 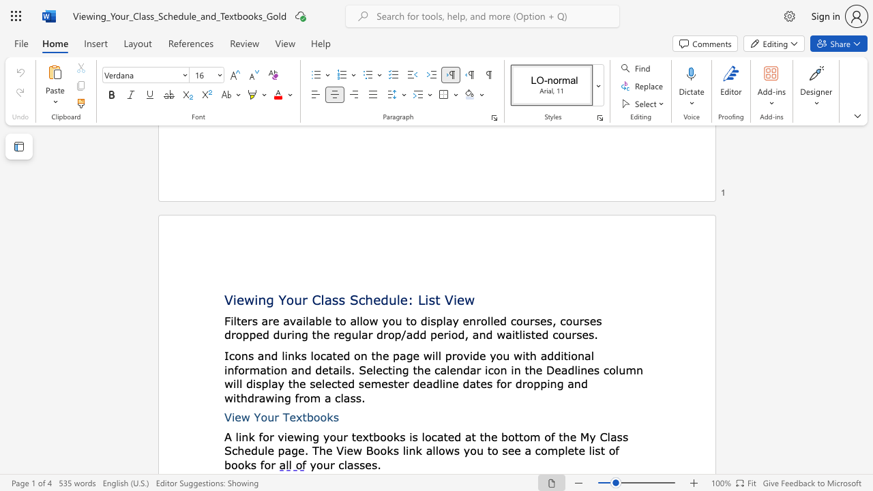 I want to click on the subset text "ll provi" within the text "on the page will provide you with", so click(x=434, y=355).